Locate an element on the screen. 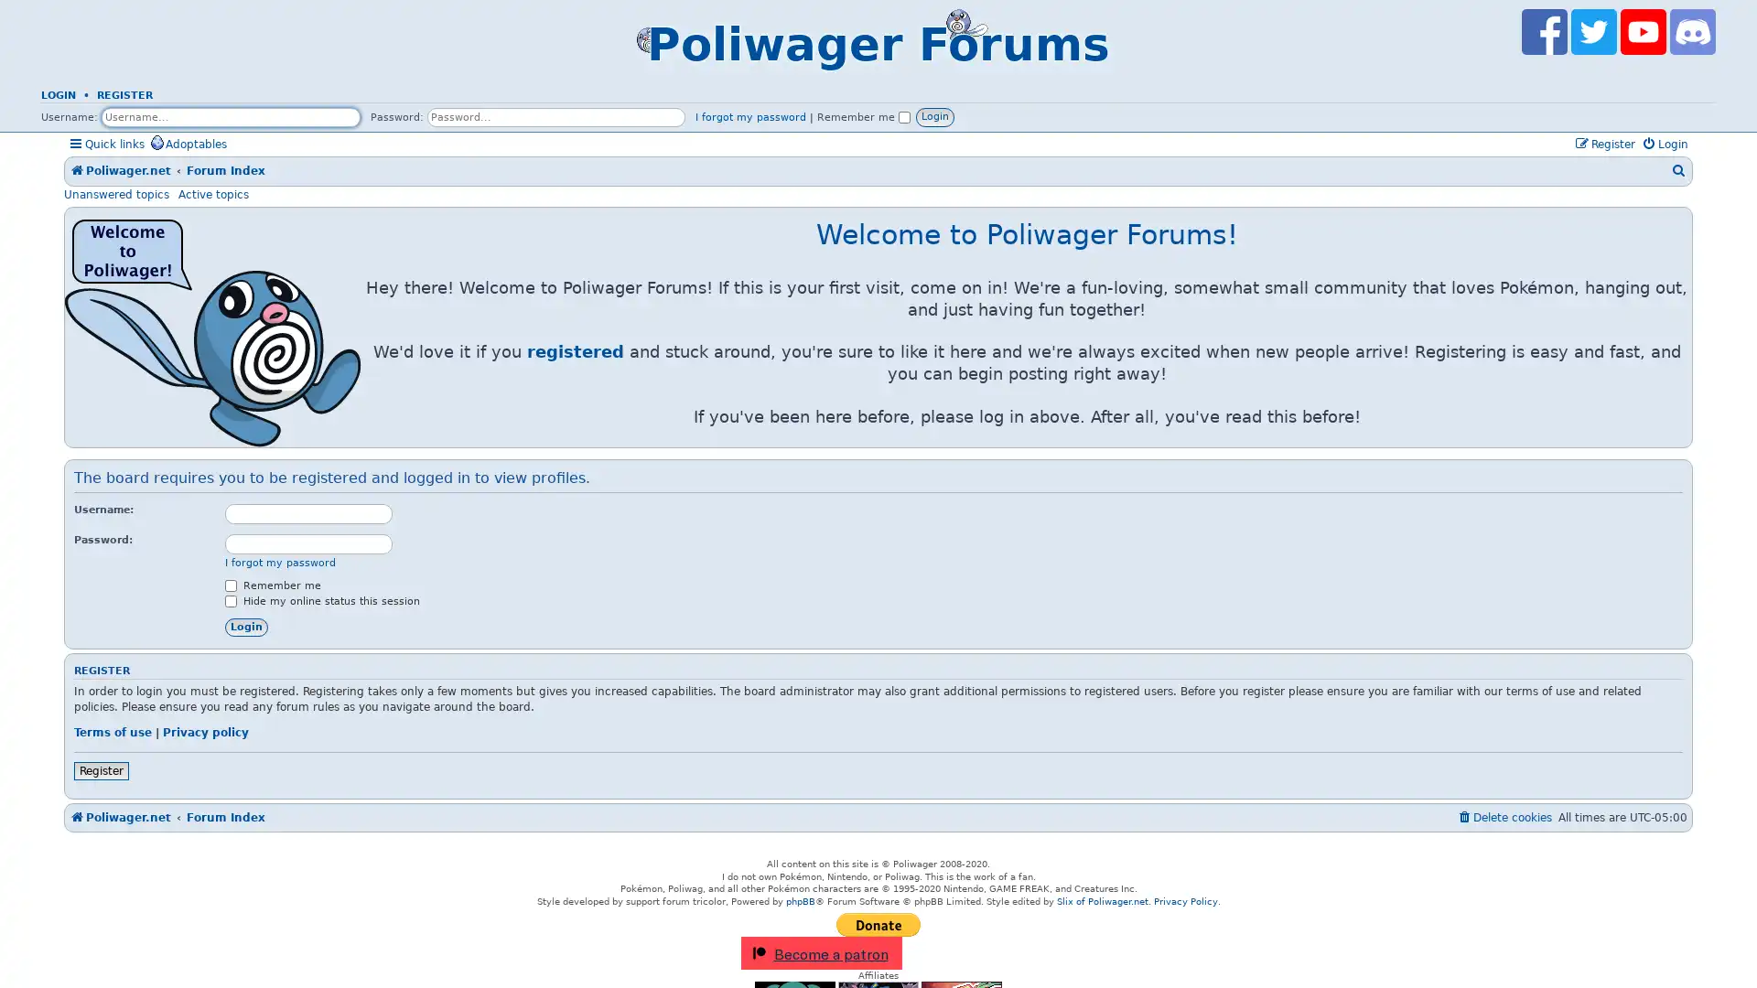 The image size is (1757, 988). PayPal - The safer, easier way to pay online! is located at coordinates (878, 924).